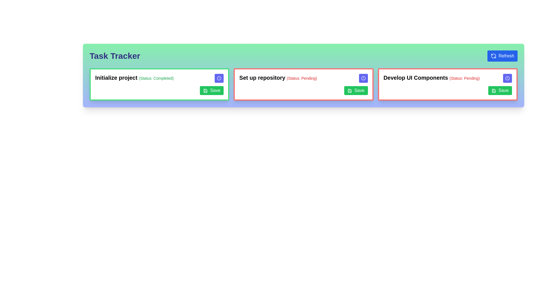  What do you see at coordinates (301, 78) in the screenshot?
I see `the text label displaying '(Status: Pending)' in small, light-styled red font, located to the right of the bold title 'Set up repository'` at bounding box center [301, 78].